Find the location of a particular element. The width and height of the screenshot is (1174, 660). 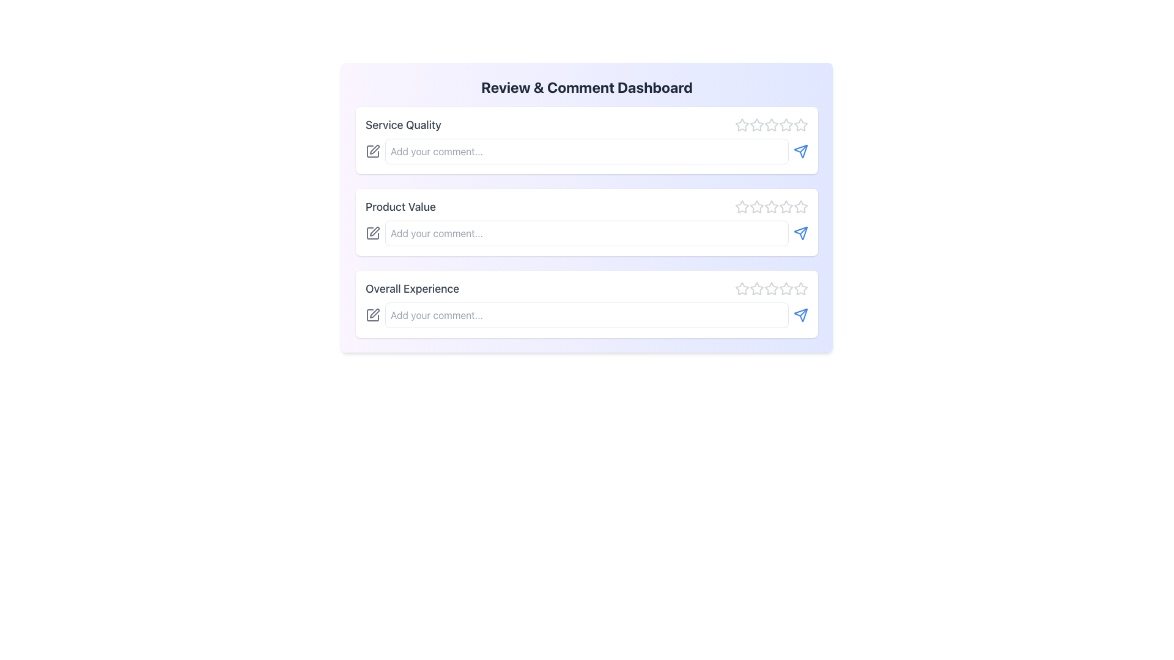

the blue paper plane icon button located at the far right of the user input field under the 'Product Value' section is located at coordinates (801, 233).